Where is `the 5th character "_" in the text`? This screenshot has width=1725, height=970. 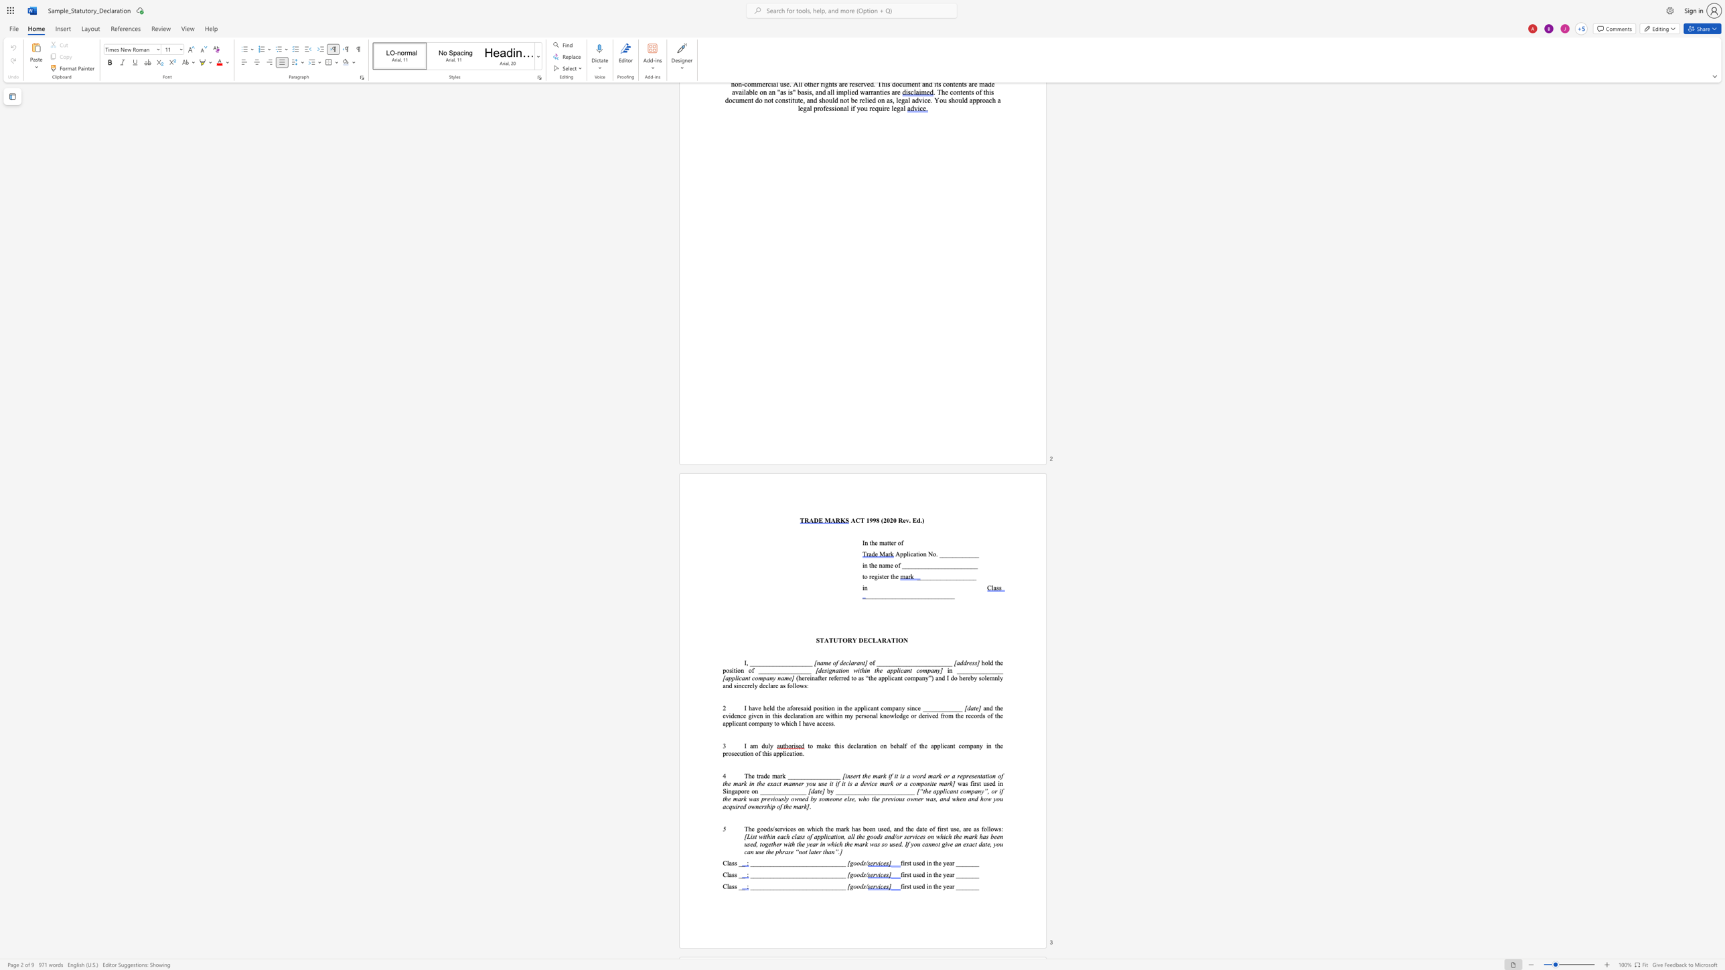
the 5th character "_" in the text is located at coordinates (891, 662).